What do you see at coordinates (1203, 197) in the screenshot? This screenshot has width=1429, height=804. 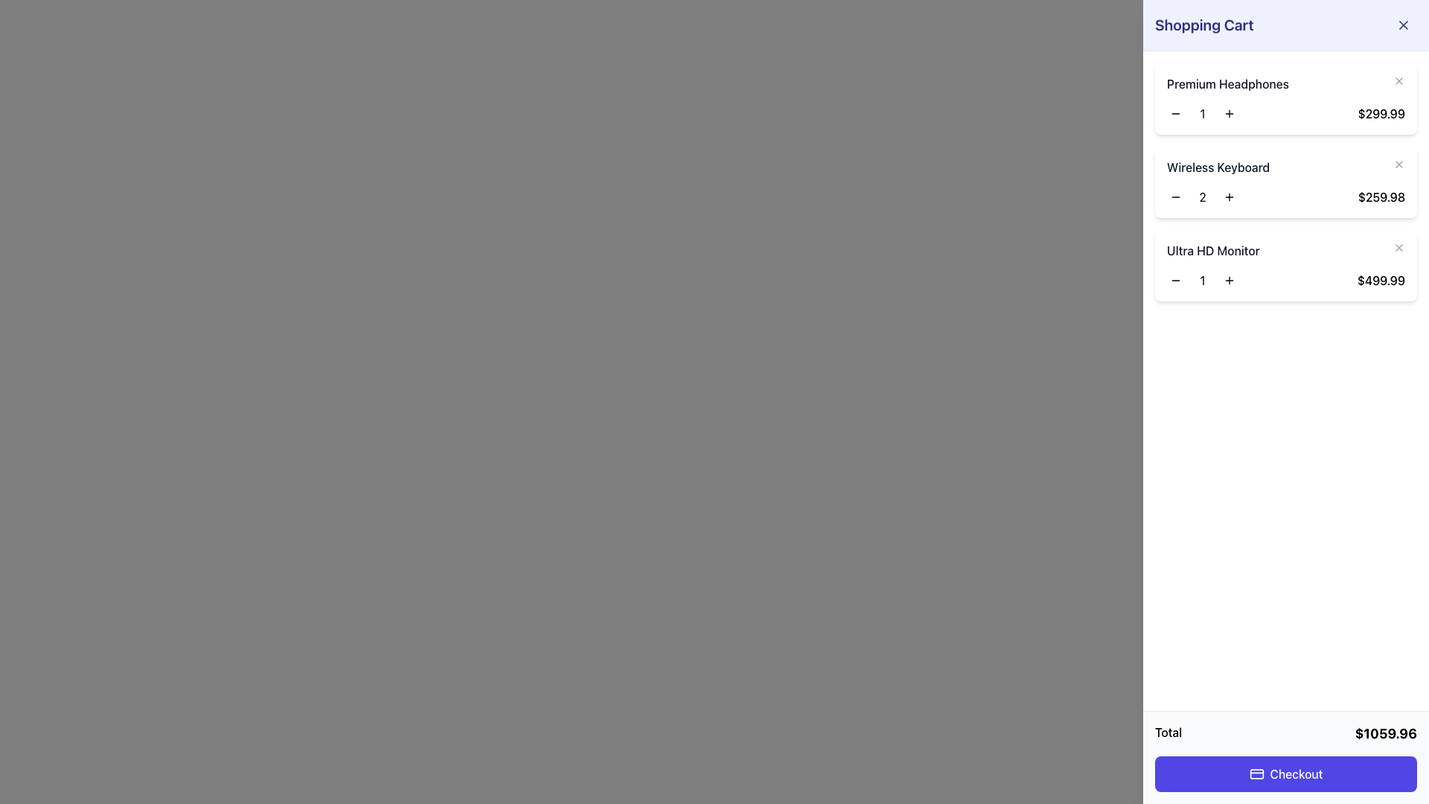 I see `the numeric label displaying the number '2', which is centrally positioned between the decrement button '-' and increment button '+', in the quantity adjustment section for 'Wireless Keyboard' in the shopping cart` at bounding box center [1203, 197].